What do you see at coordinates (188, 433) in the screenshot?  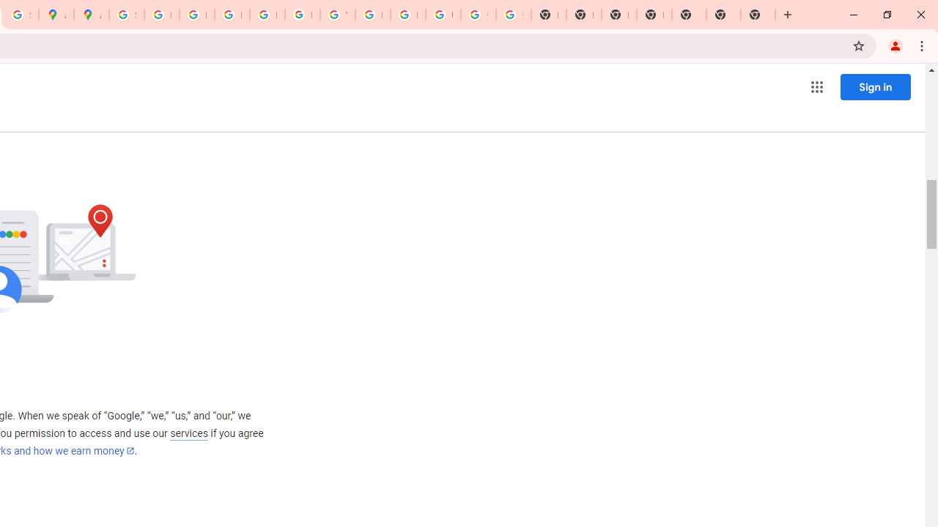 I see `'services'` at bounding box center [188, 433].